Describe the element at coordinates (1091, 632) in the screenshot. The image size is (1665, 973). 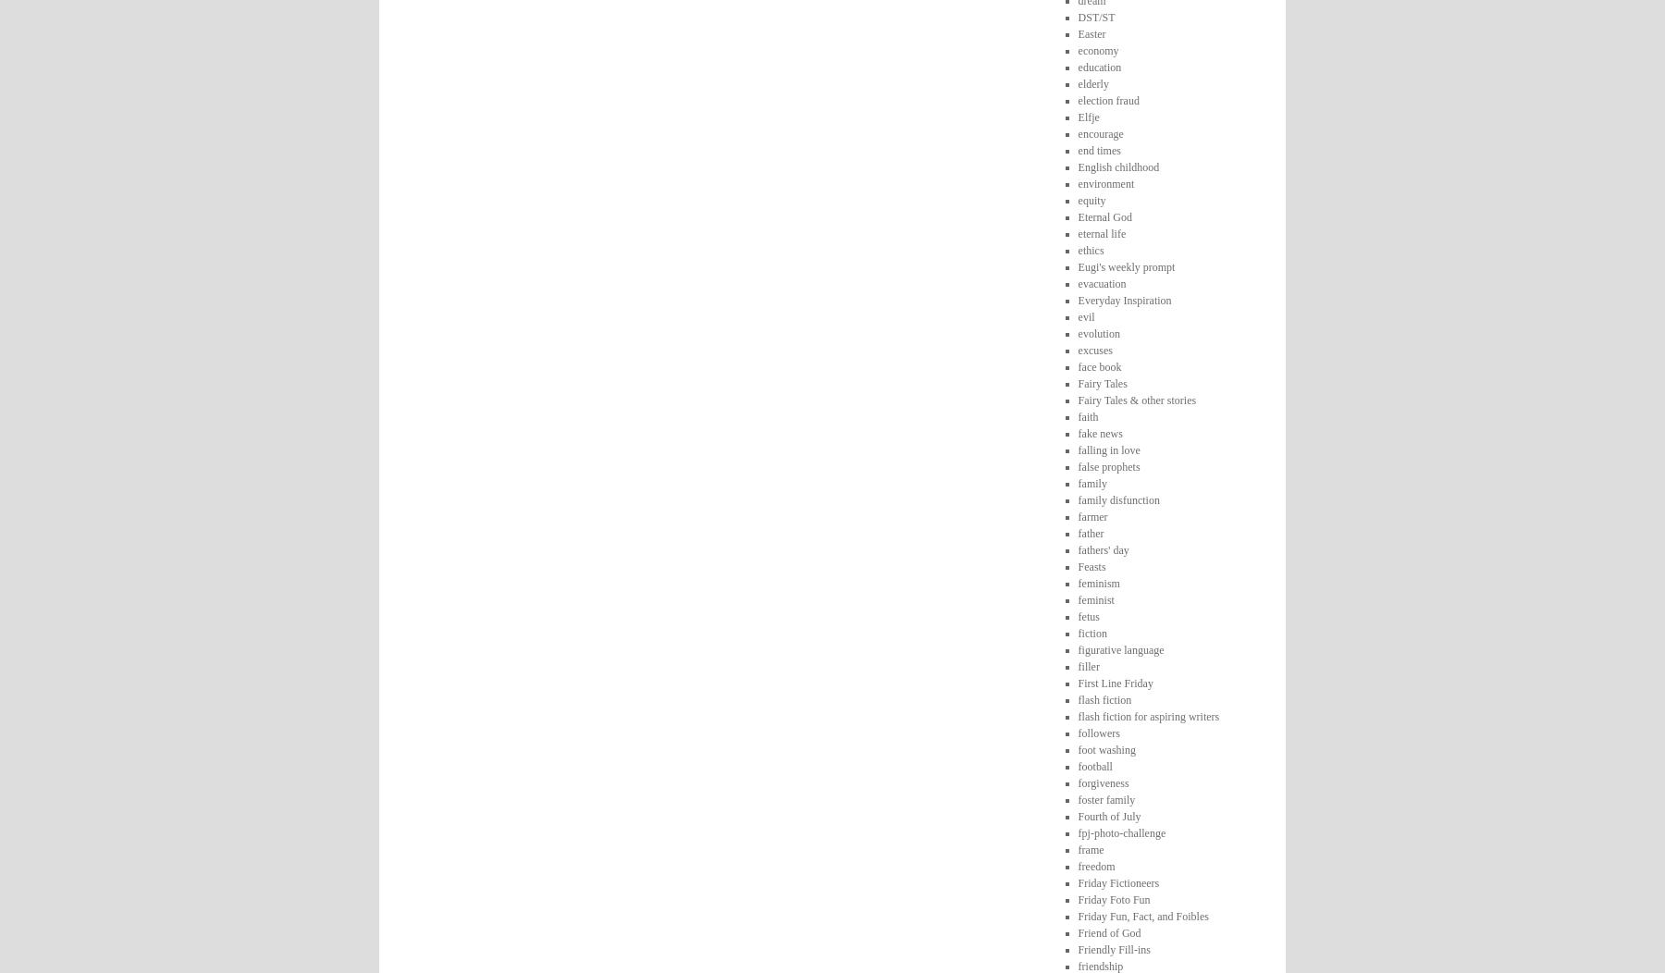
I see `'fiction'` at that location.